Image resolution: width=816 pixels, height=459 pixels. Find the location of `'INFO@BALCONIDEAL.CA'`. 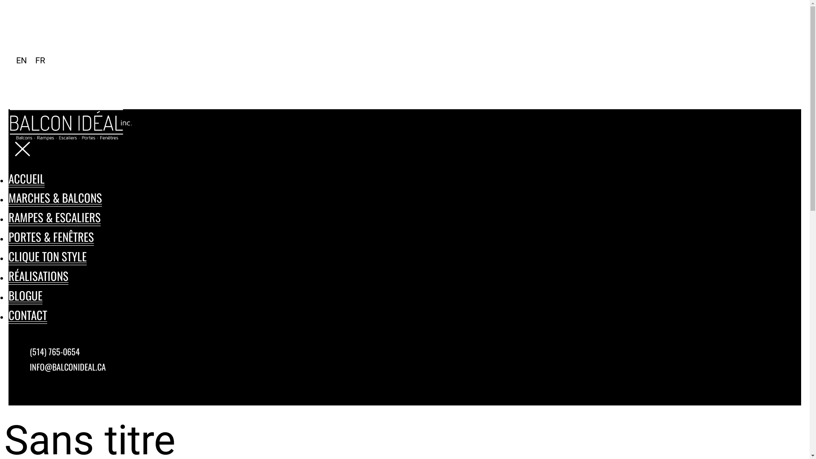

'INFO@BALCONIDEAL.CA' is located at coordinates (30, 366).